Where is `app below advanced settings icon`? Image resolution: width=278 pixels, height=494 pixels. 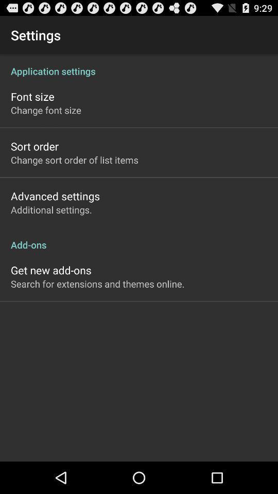 app below advanced settings icon is located at coordinates (50, 209).